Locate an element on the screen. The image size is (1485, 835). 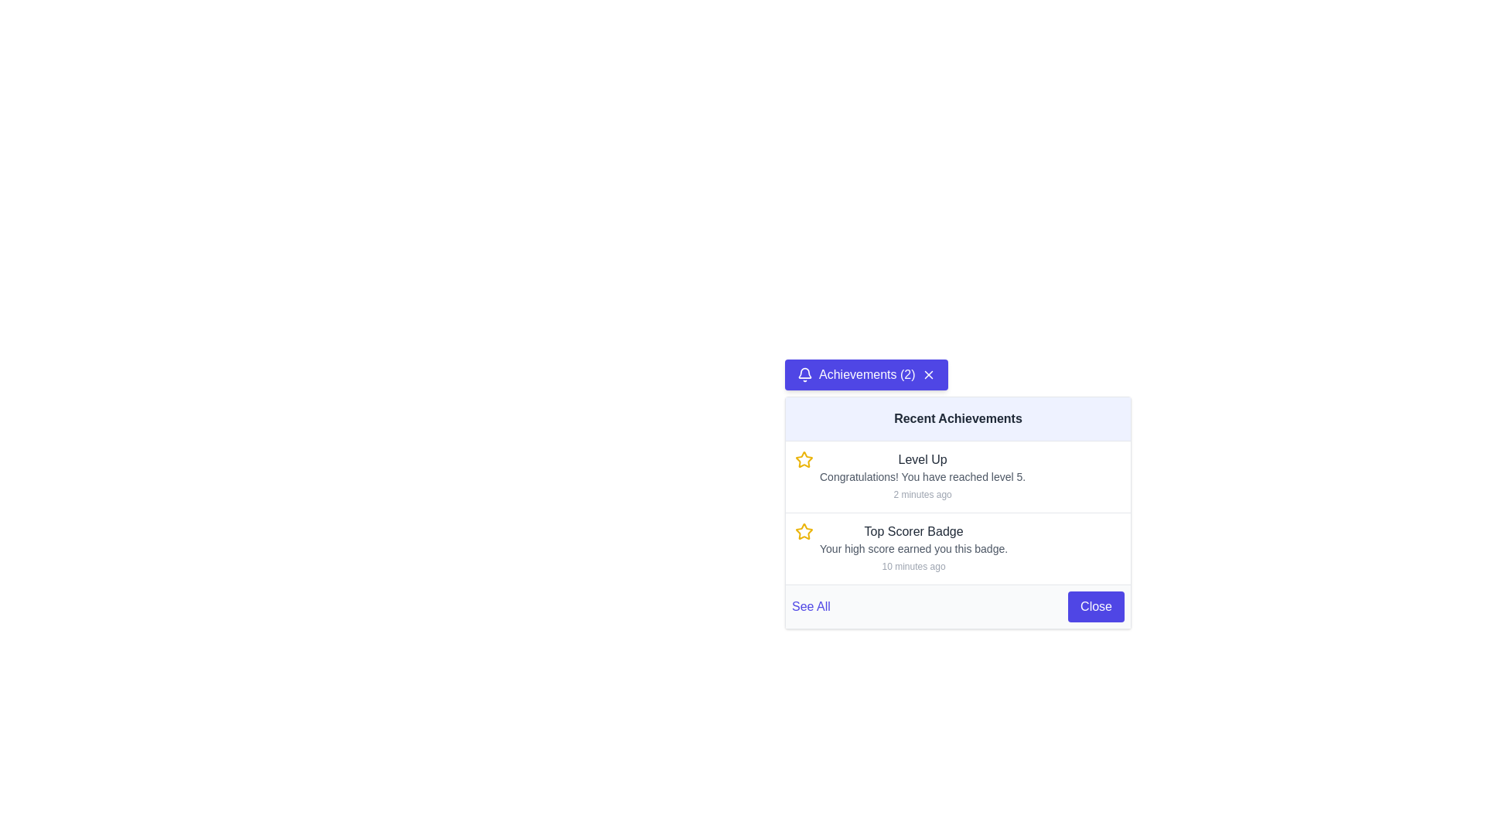
the Notification or Achievement Item labeled 'Top Scorer Badge' which contains a star icon and three lines of text, indicating a recent achievement is located at coordinates (957, 547).